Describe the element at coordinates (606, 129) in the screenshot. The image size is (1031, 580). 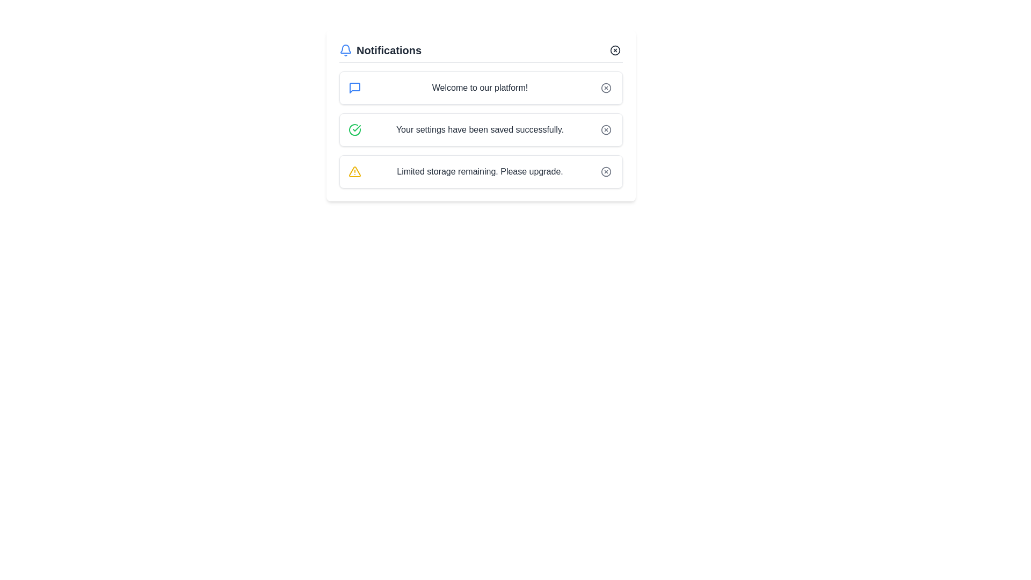
I see `the circular icon button with an 'X' symbol inside, located in the notification panel next to the message indicating successful saving of settings` at that location.